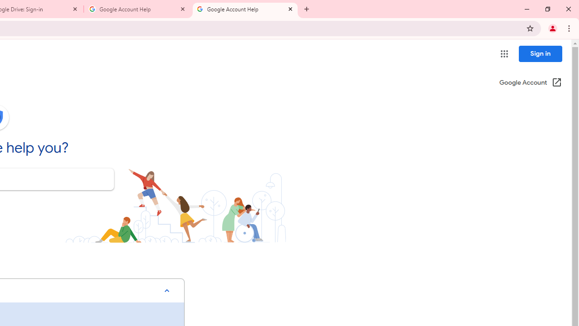  What do you see at coordinates (531, 83) in the screenshot?
I see `'Google Account (Open in a new window)'` at bounding box center [531, 83].